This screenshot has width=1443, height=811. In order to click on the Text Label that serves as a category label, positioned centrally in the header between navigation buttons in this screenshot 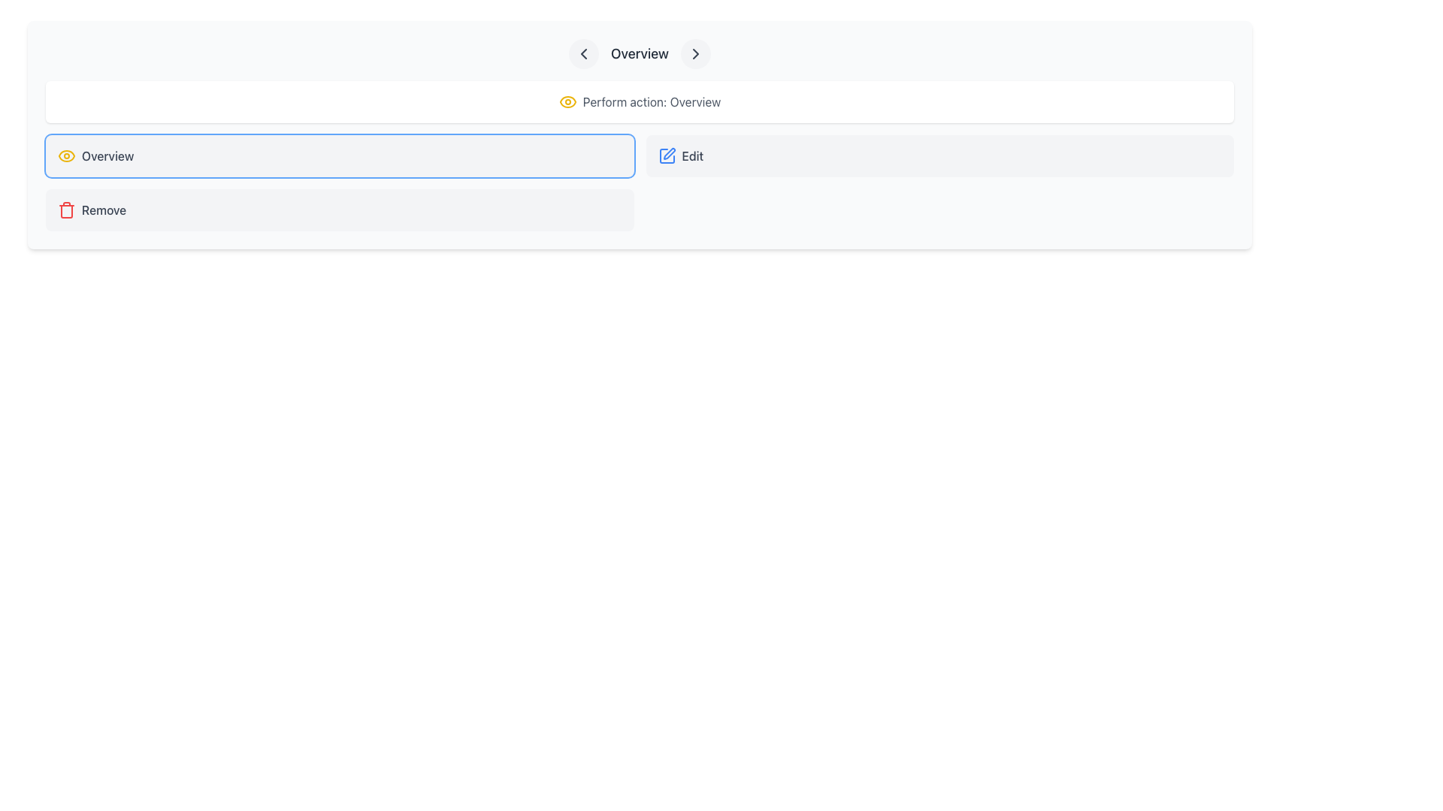, I will do `click(640, 53)`.